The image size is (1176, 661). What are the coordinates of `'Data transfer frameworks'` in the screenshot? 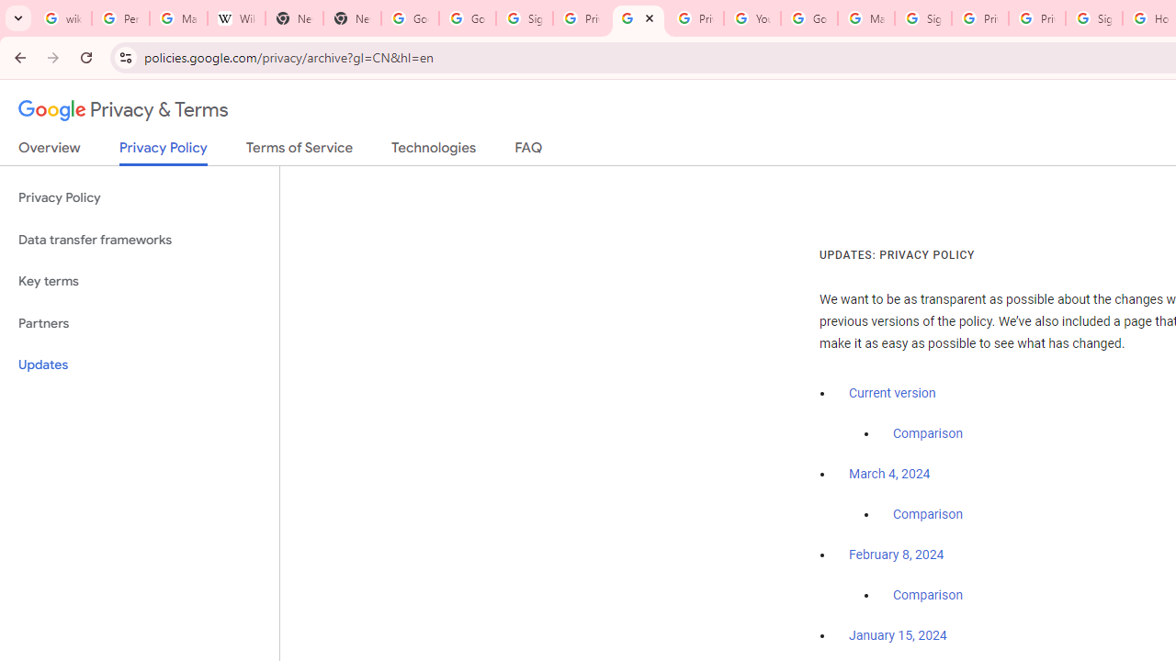 It's located at (139, 239).